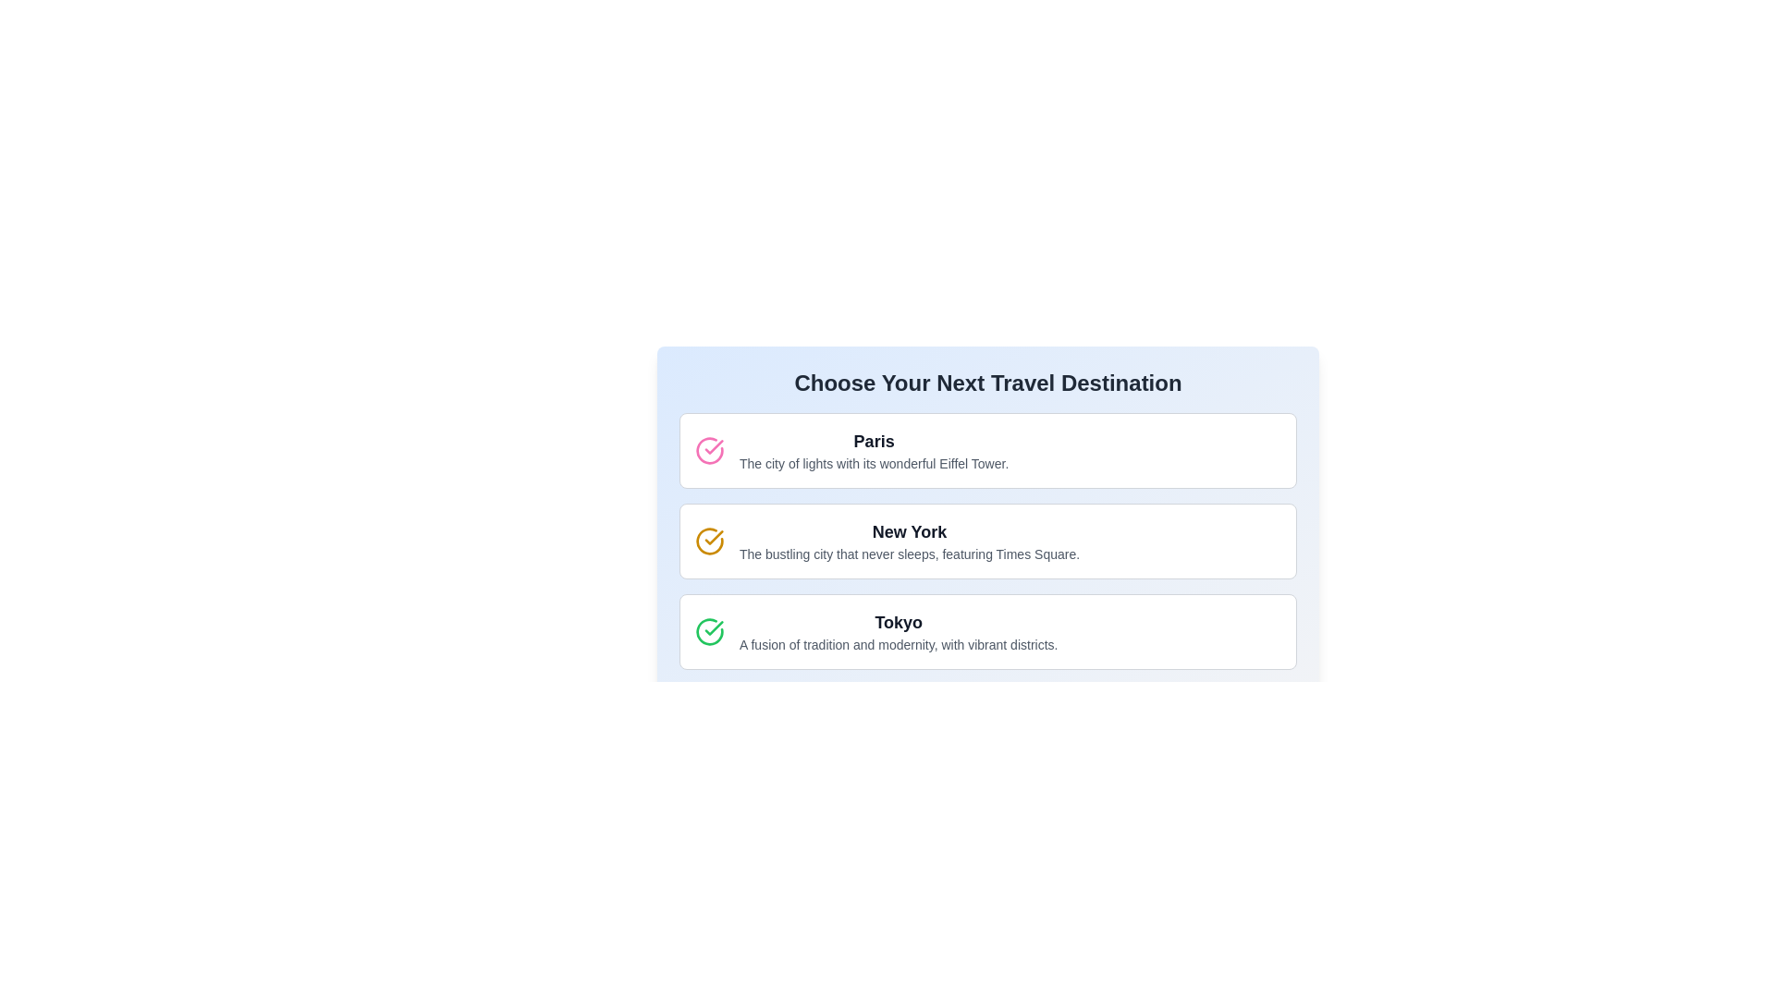 Image resolution: width=1775 pixels, height=998 pixels. I want to click on the 'Paris' destination button, which is the first card, so click(987, 451).